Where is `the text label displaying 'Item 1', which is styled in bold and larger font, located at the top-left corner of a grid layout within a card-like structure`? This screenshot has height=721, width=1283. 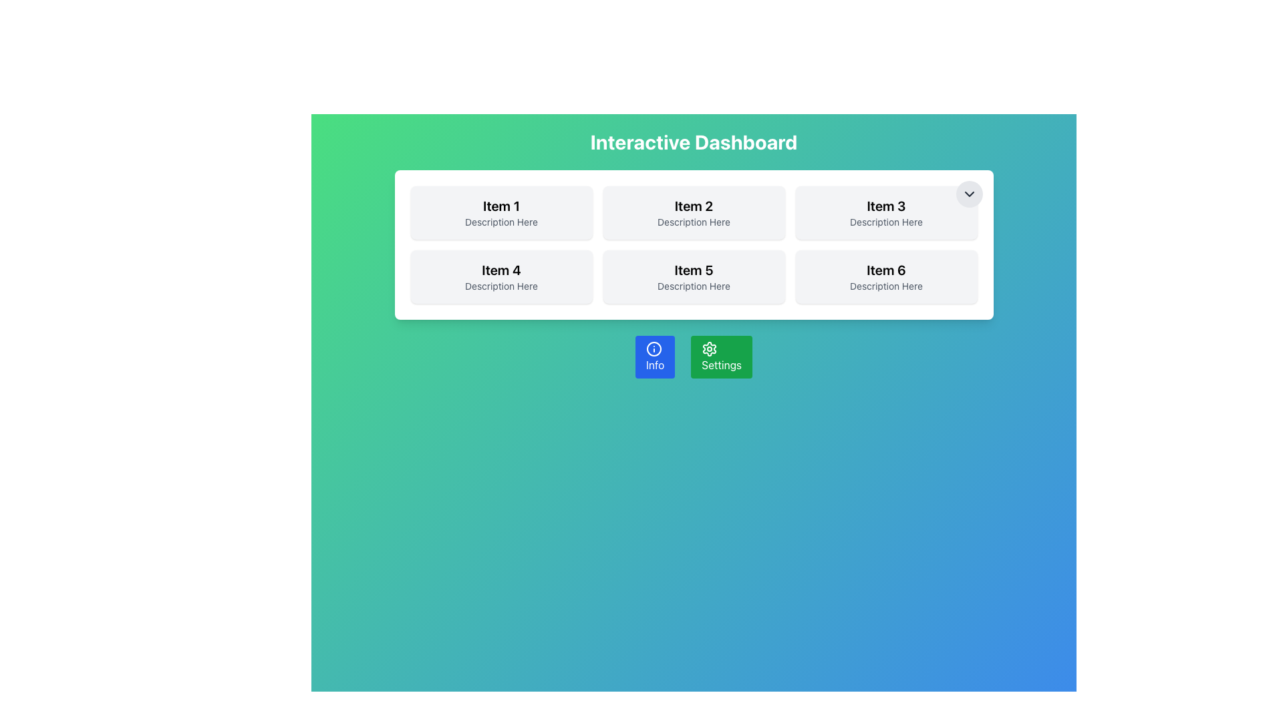 the text label displaying 'Item 1', which is styled in bold and larger font, located at the top-left corner of a grid layout within a card-like structure is located at coordinates (501, 206).